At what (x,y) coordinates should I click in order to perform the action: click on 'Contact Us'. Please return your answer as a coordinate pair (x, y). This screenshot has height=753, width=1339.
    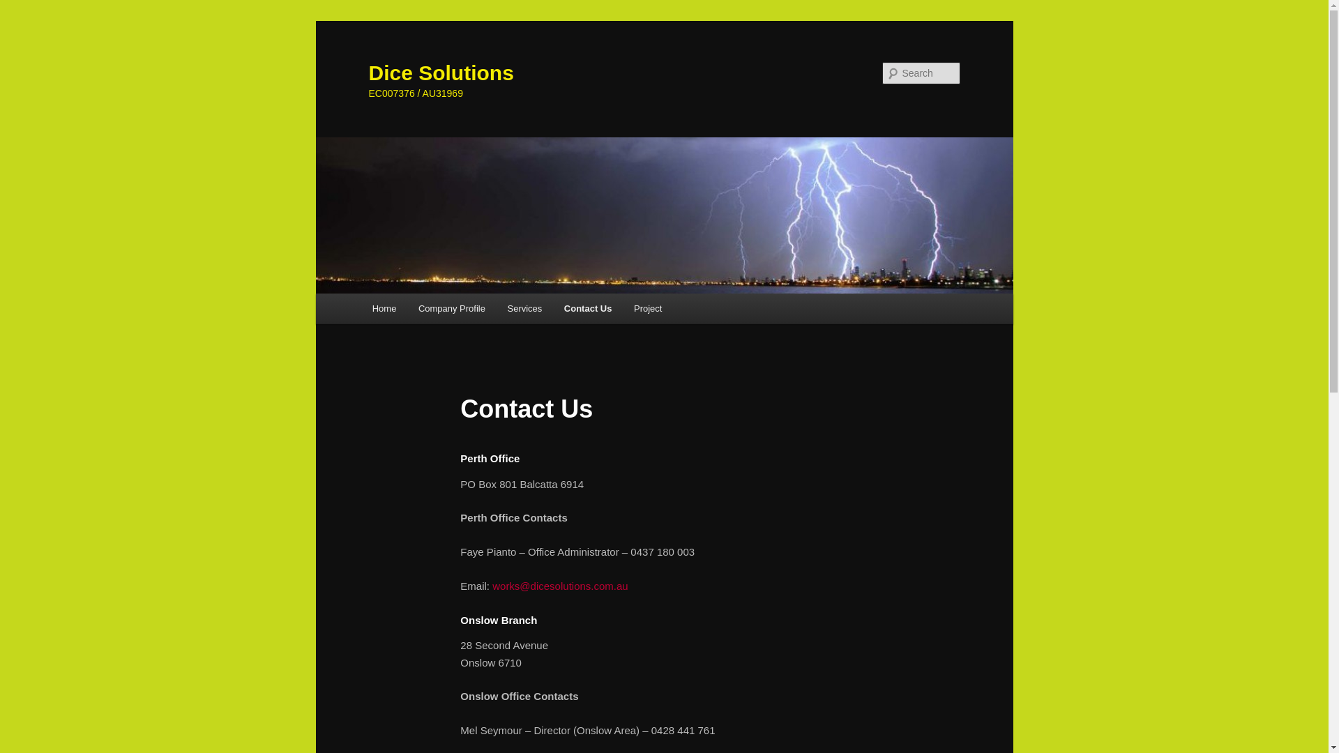
    Looking at the image, I should click on (588, 307).